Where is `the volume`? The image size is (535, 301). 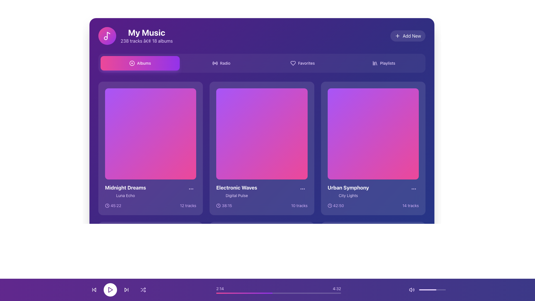 the volume is located at coordinates (423, 290).